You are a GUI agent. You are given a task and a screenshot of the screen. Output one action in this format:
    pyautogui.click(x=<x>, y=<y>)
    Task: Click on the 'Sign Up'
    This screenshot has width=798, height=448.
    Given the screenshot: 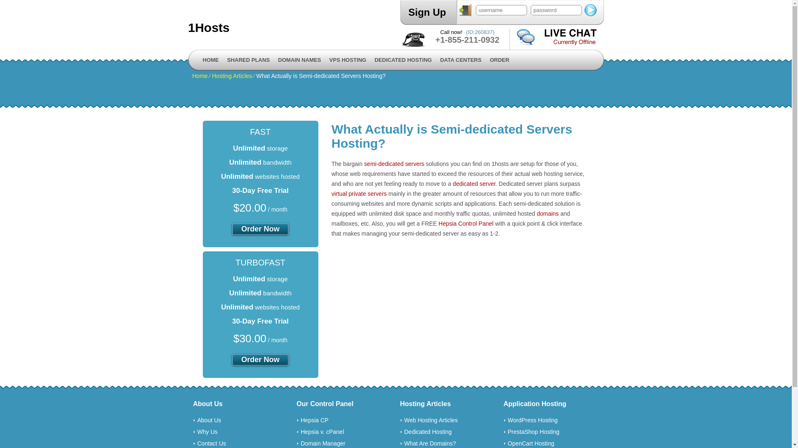 What is the action you would take?
    pyautogui.click(x=427, y=12)
    